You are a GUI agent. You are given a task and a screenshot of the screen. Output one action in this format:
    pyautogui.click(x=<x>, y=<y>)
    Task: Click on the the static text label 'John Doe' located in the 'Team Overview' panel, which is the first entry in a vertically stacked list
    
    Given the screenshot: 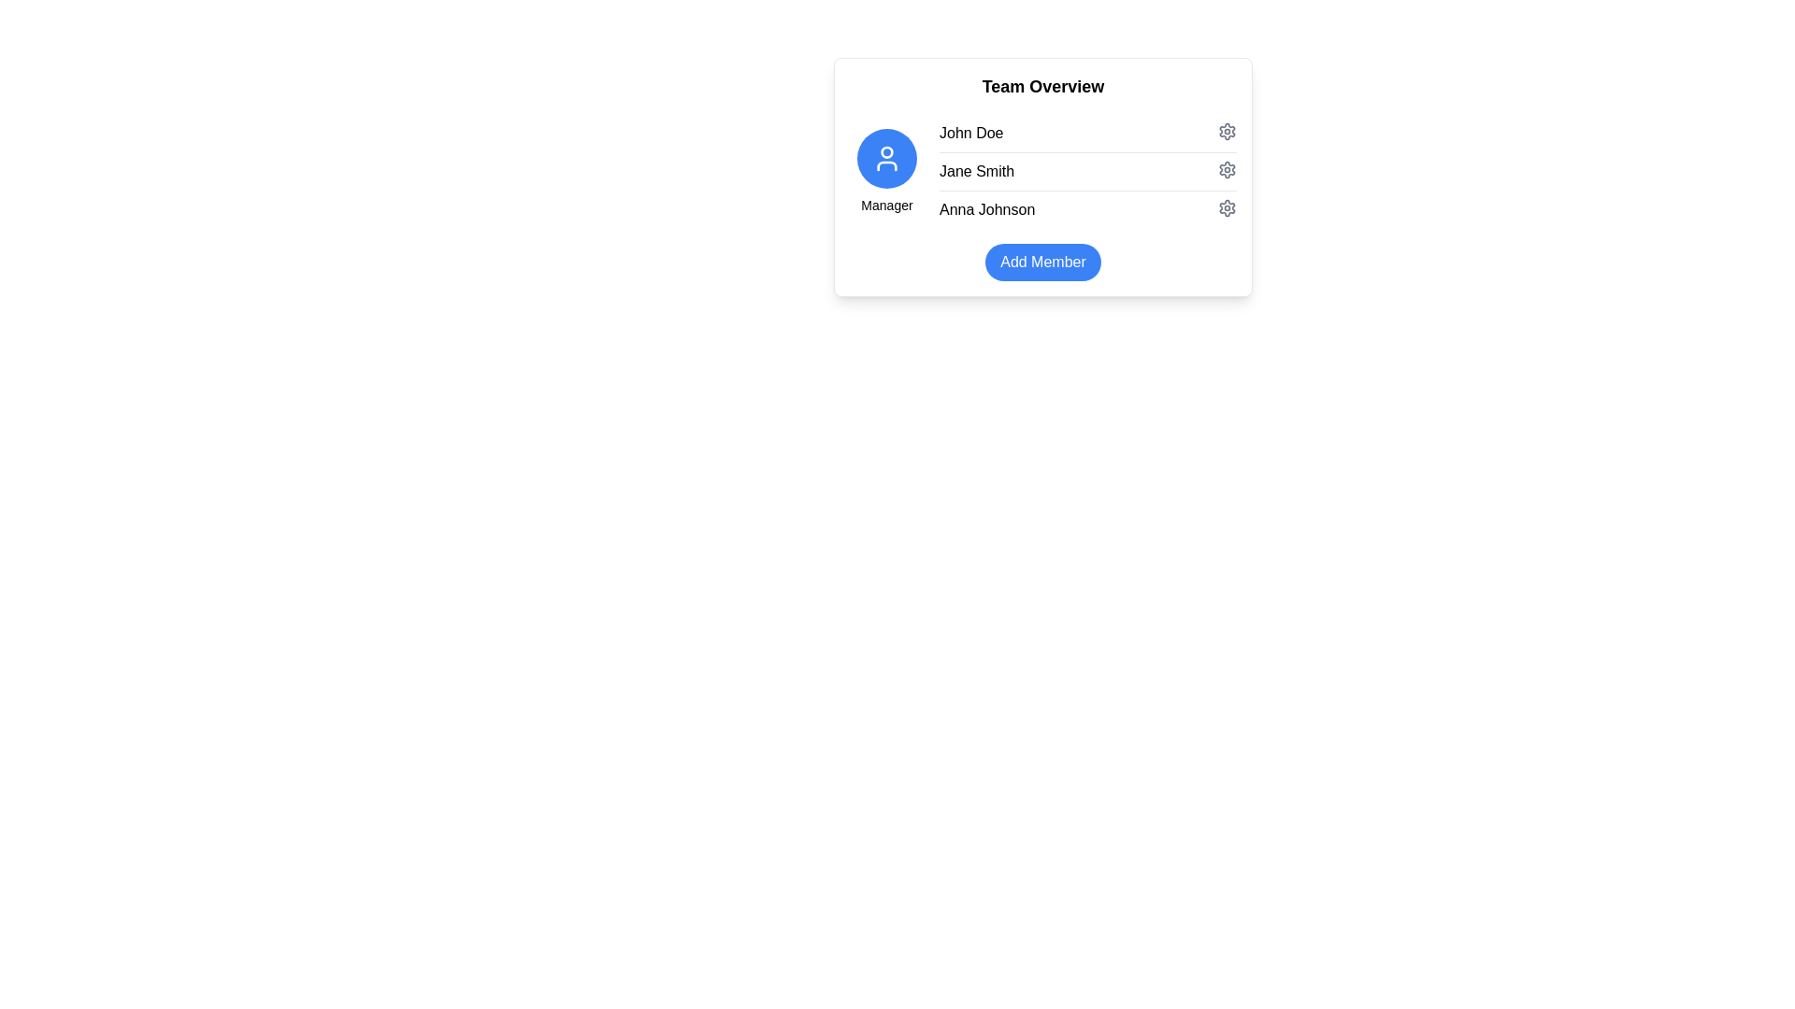 What is the action you would take?
    pyautogui.click(x=971, y=132)
    